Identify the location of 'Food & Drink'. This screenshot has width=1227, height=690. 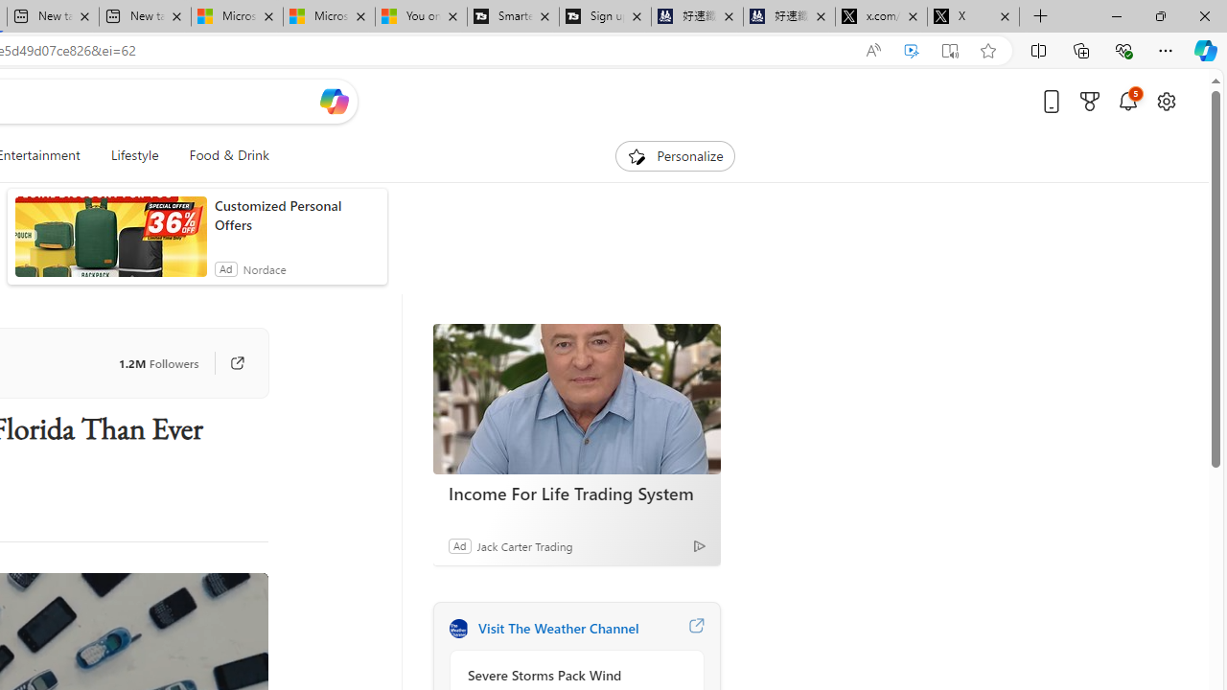
(221, 155).